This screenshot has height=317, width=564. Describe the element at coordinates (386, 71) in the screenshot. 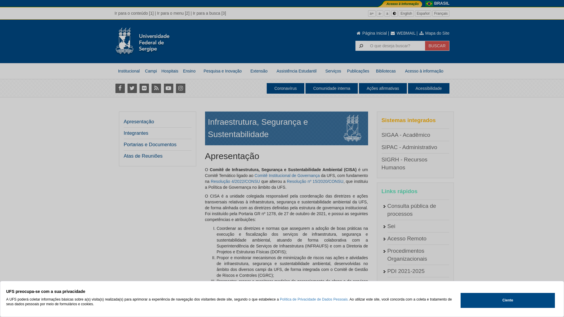

I see `'Bibliotecas'` at that location.